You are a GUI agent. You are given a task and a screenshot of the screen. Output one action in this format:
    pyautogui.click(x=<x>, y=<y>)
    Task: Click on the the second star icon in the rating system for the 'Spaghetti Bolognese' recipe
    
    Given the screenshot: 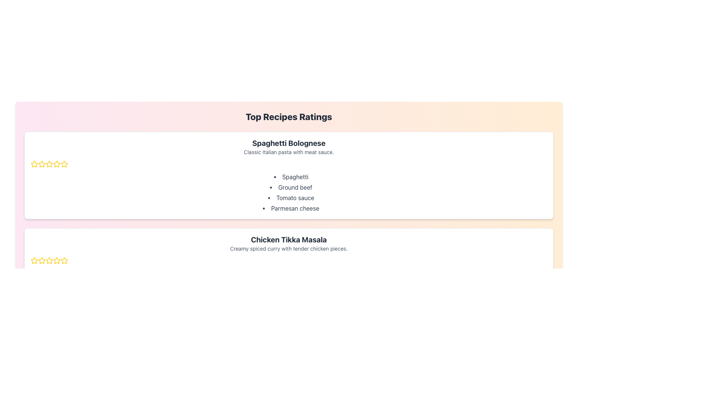 What is the action you would take?
    pyautogui.click(x=49, y=163)
    